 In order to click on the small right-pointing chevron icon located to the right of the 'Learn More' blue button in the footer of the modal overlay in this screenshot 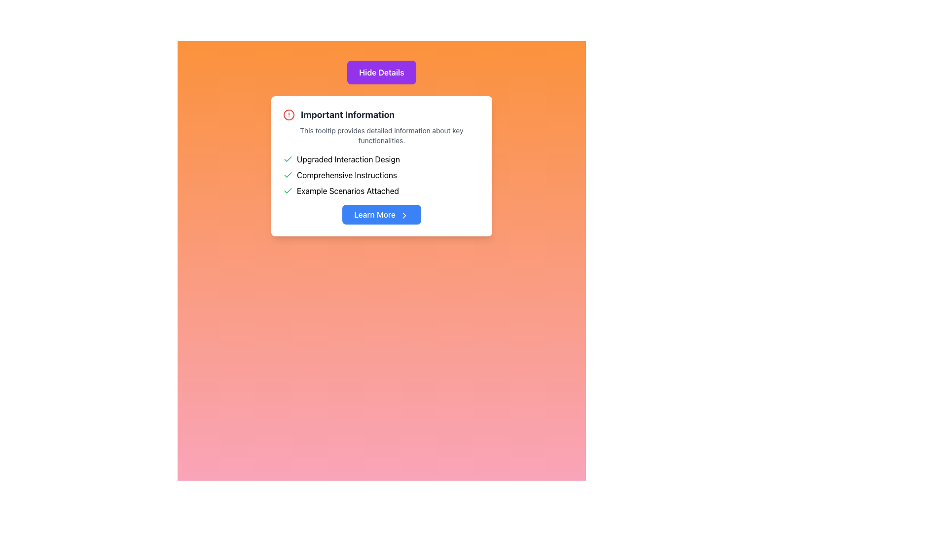, I will do `click(404, 215)`.